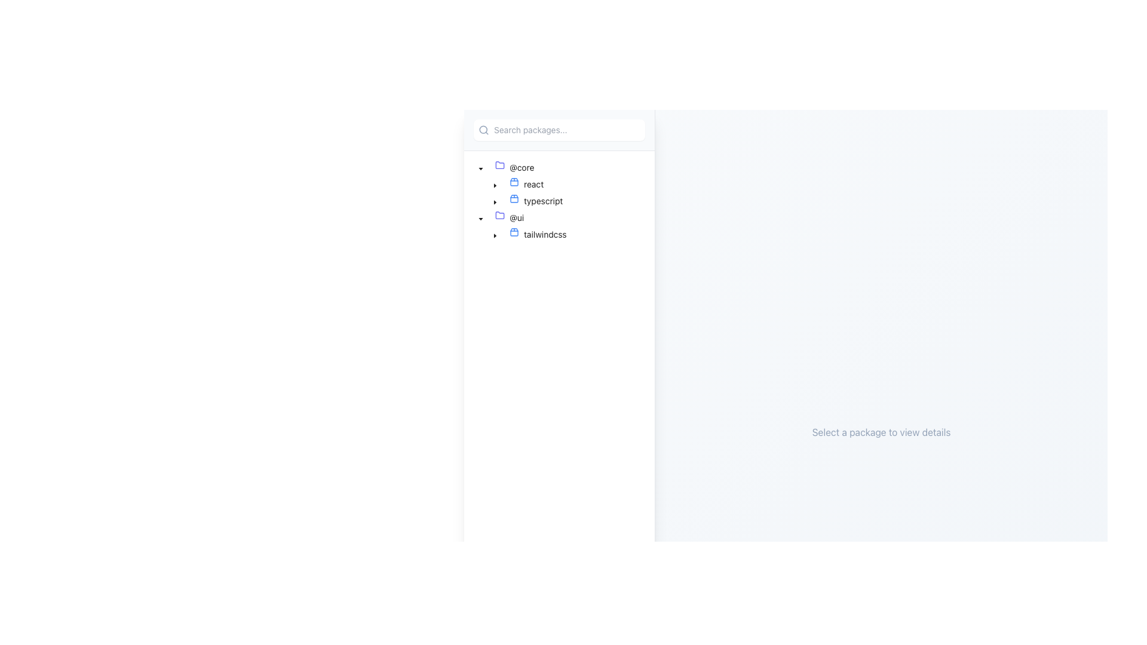  I want to click on the graphical icon representing the 'react' node in the hierarchical tree structure, located below the '@core' folder label, so click(516, 184).